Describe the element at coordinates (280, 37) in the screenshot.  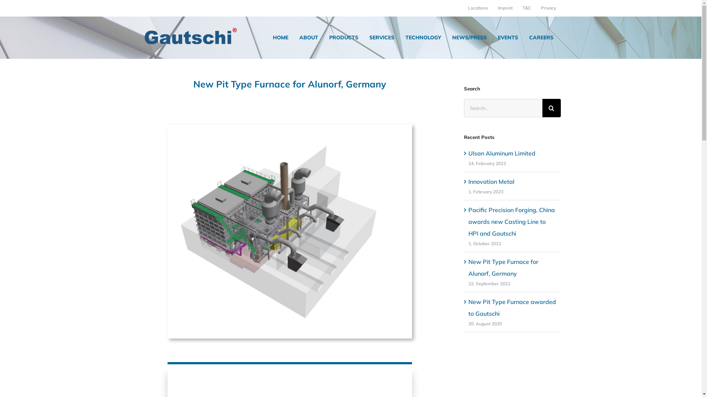
I see `'HOME'` at that location.